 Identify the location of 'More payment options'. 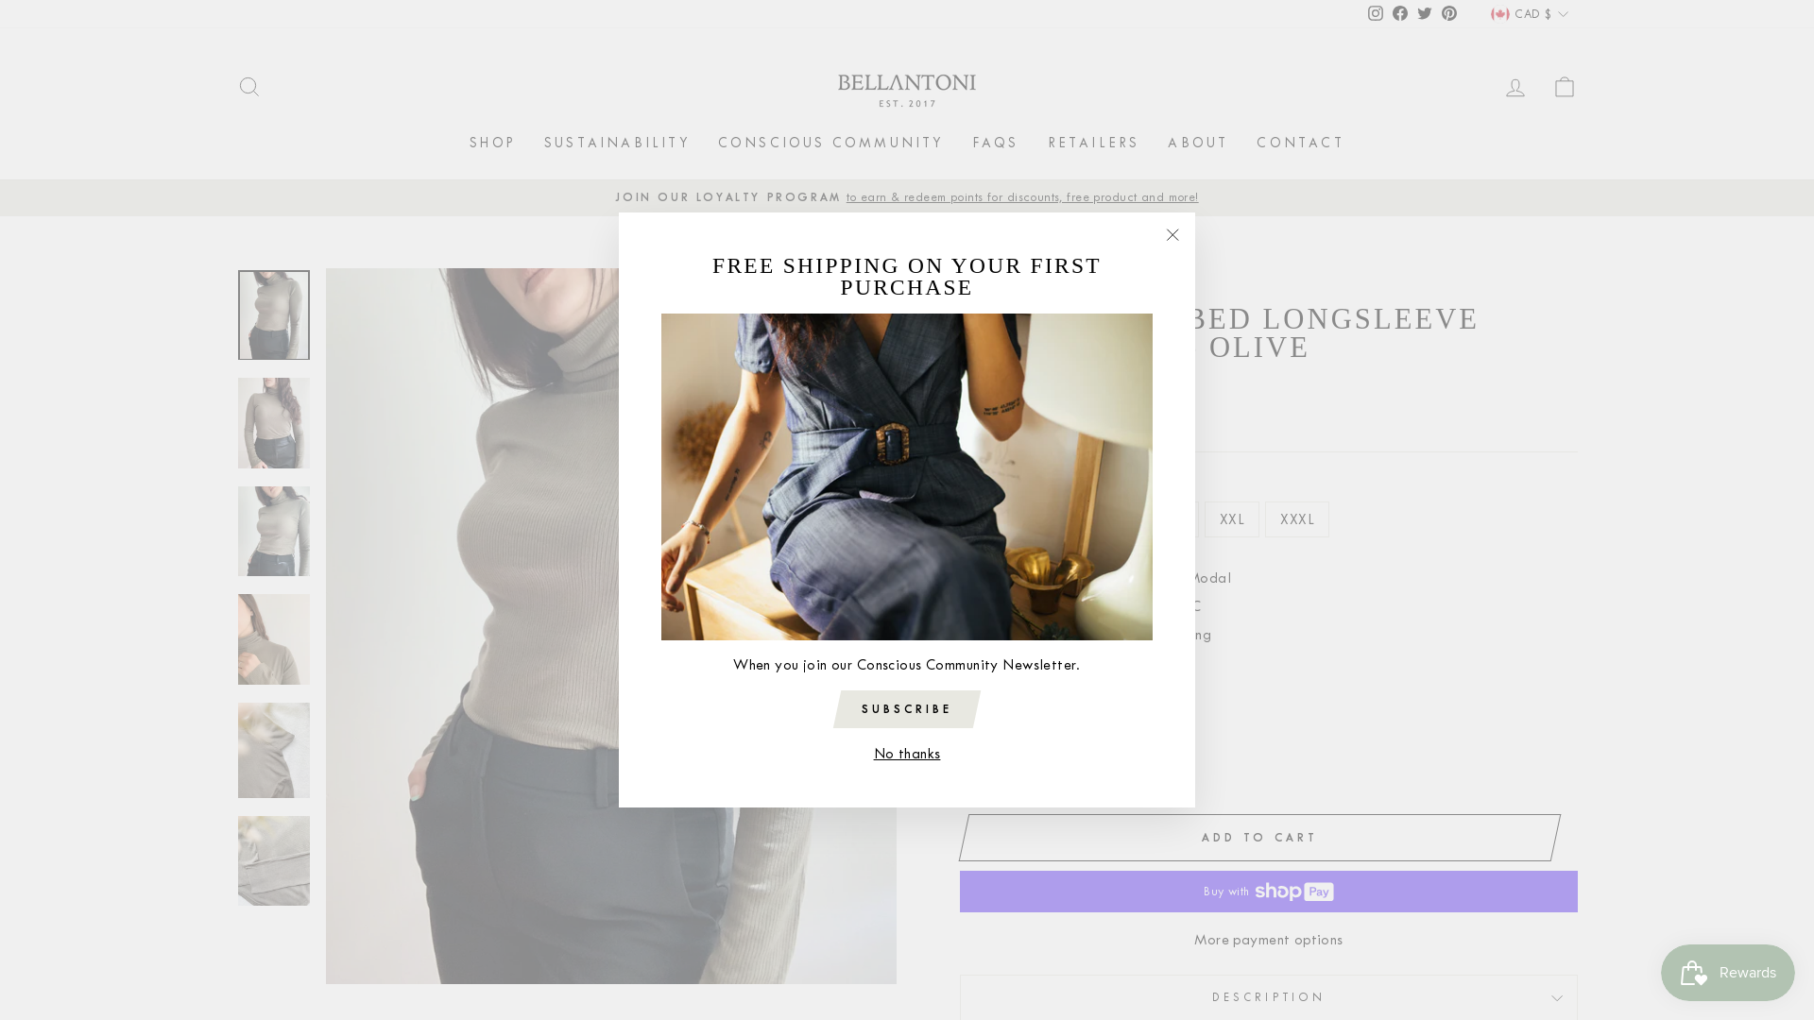
(1269, 940).